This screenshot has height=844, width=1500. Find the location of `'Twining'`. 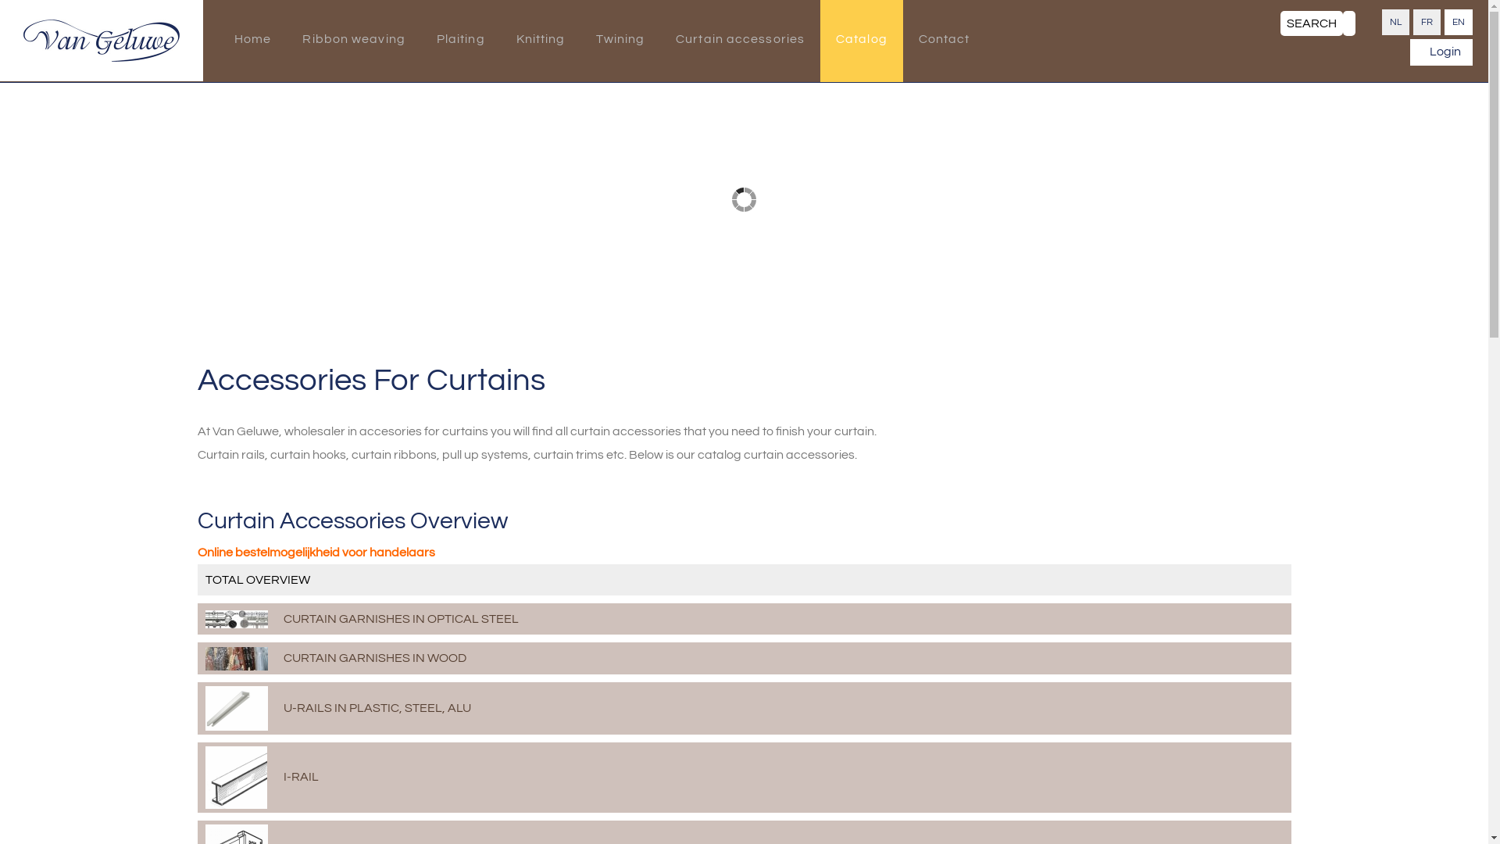

'Twining' is located at coordinates (619, 40).